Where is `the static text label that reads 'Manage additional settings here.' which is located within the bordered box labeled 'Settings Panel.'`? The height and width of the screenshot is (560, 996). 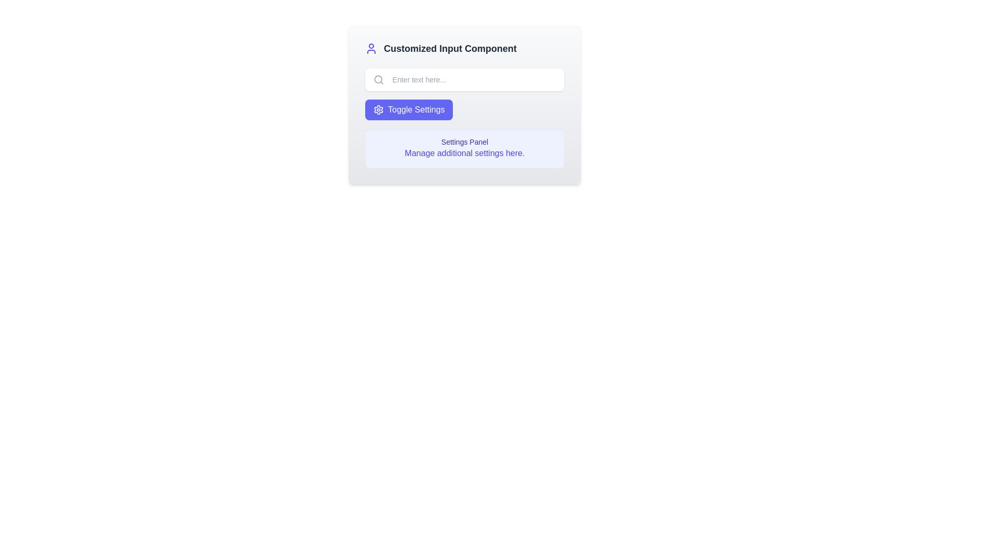
the static text label that reads 'Manage additional settings here.' which is located within the bordered box labeled 'Settings Panel.' is located at coordinates (464, 153).